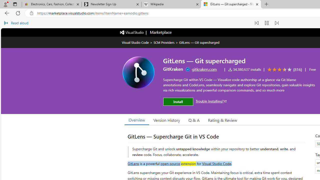 This screenshot has width=320, height=180. Describe the element at coordinates (132, 32) in the screenshot. I see `'Visual Studio logo'` at that location.